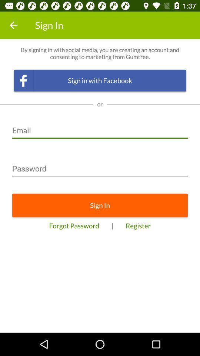 This screenshot has width=200, height=356. I want to click on item above by signing in item, so click(13, 25).